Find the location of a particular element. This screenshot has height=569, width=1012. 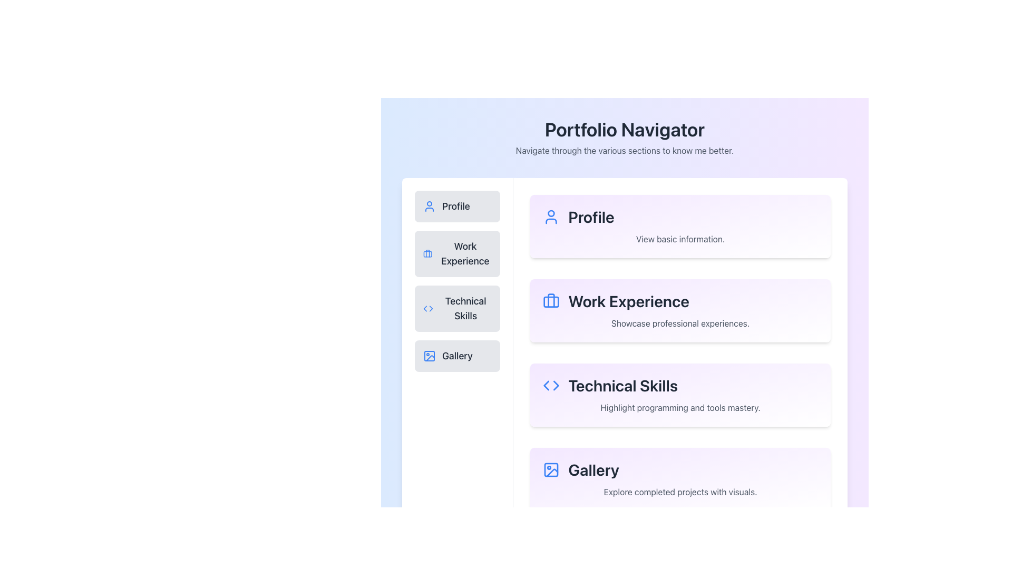

the small blue icon consisting of two inward-pointing angled brackets located to the left of the 'Technical Skills' text is located at coordinates (551, 386).